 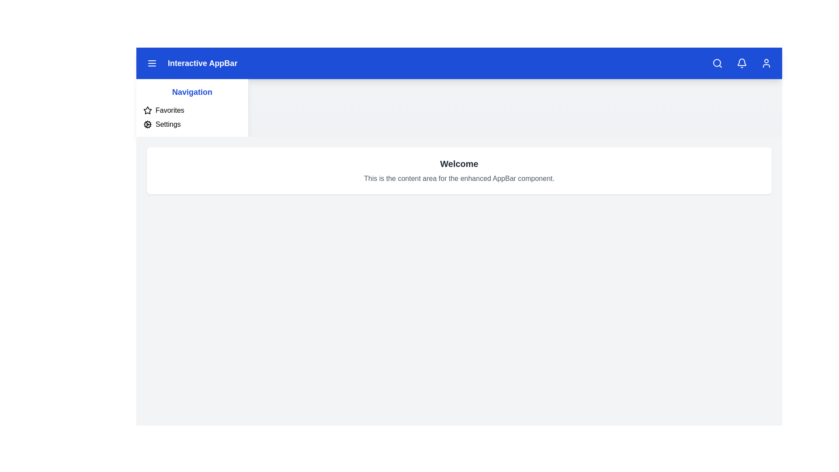 What do you see at coordinates (717, 63) in the screenshot?
I see `the search icon in the AppBar` at bounding box center [717, 63].